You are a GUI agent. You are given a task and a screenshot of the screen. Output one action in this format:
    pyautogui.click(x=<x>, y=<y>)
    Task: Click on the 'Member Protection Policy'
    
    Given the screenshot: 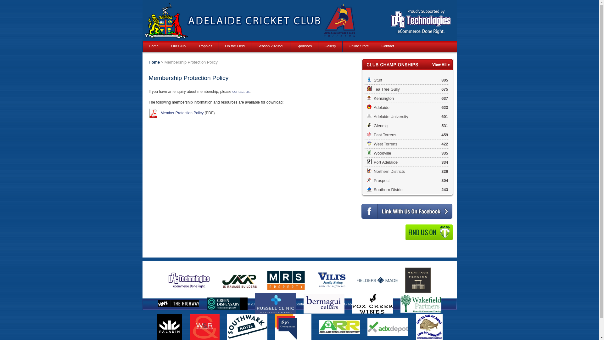 What is the action you would take?
    pyautogui.click(x=182, y=112)
    